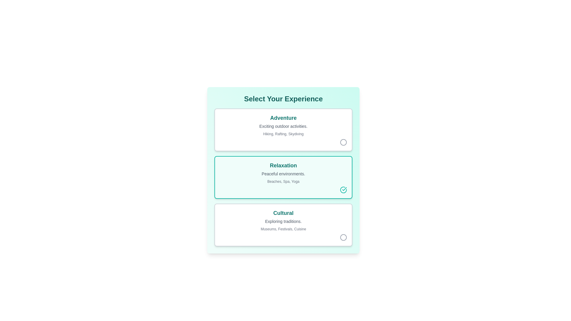  What do you see at coordinates (283, 126) in the screenshot?
I see `the text snippet that reads 'Exciting outdoor activities.' which is styled in a small gray font, located between the heading 'Adventure' and the descriptive text 'Hiking, Rafting, Skydiving'` at bounding box center [283, 126].